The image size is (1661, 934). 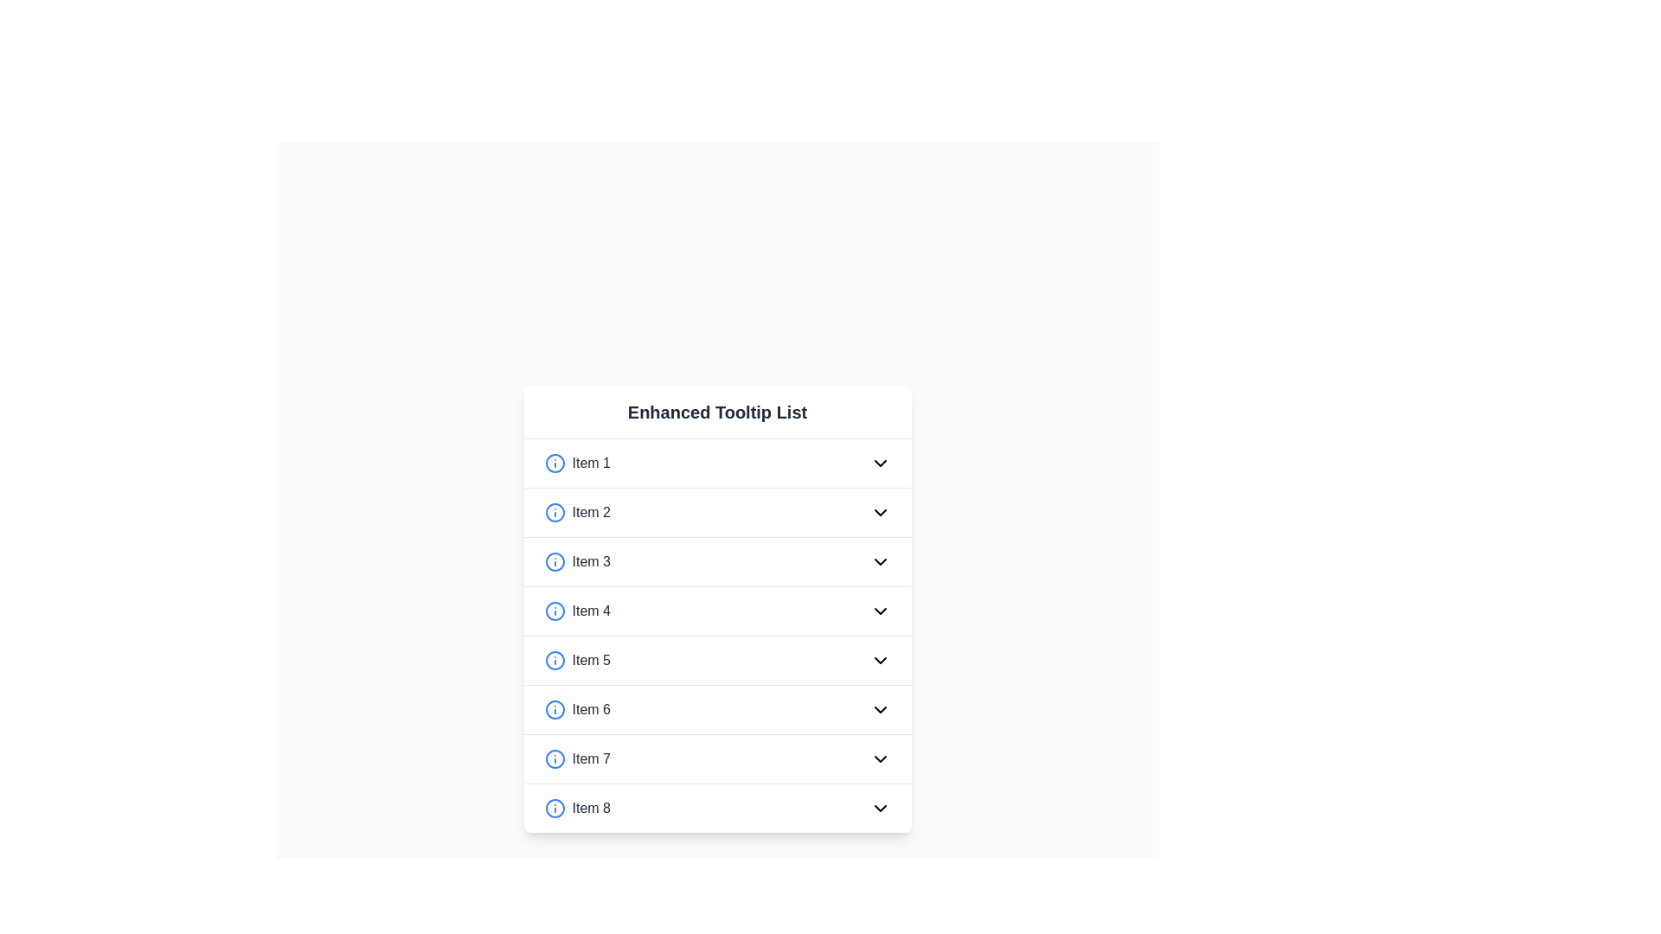 I want to click on text label for the sixth item in the list, which is positioned between 'Item 5' and 'Item 7', following an icon with a blue information symbol, so click(x=591, y=710).